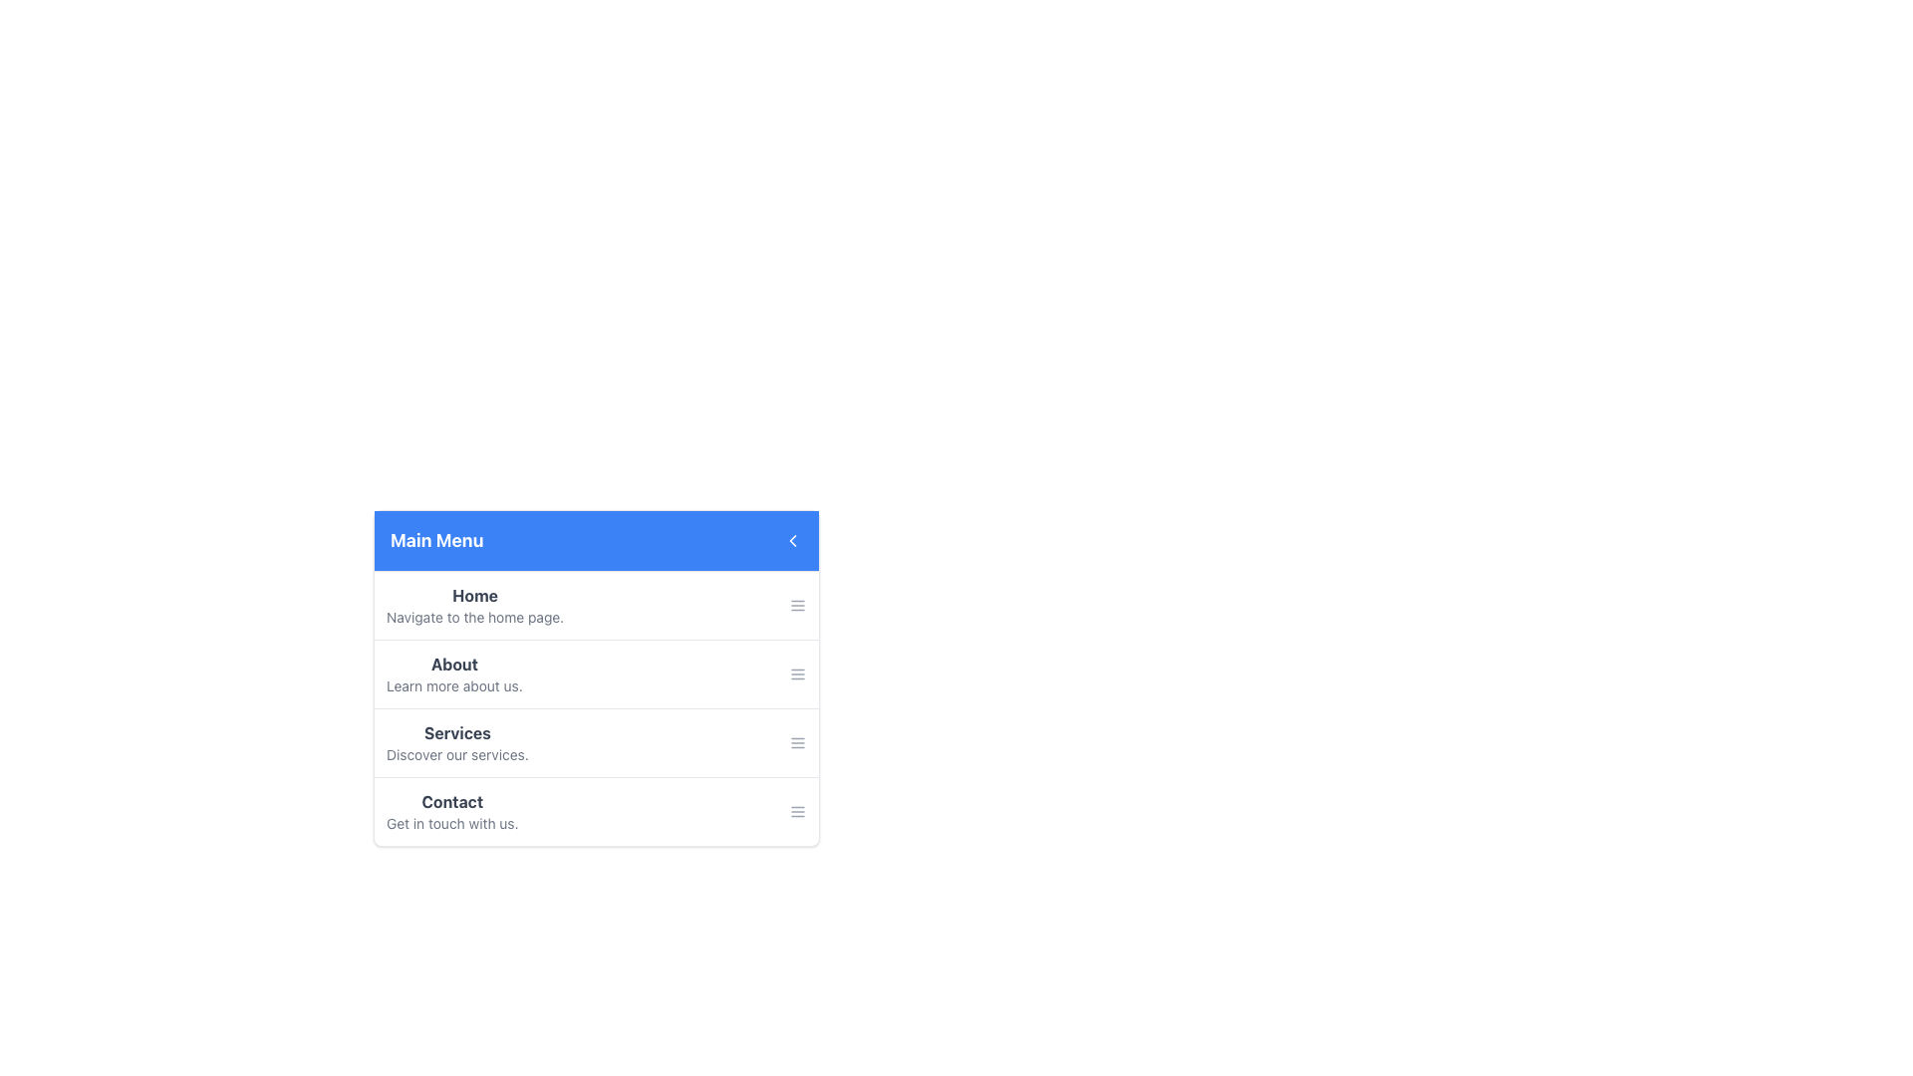 The width and height of the screenshot is (1913, 1076). What do you see at coordinates (456, 733) in the screenshot?
I see `the bolded text label 'Services' styled in dark gray within a list-focused interface, which is the third element in a vertically stacked list` at bounding box center [456, 733].